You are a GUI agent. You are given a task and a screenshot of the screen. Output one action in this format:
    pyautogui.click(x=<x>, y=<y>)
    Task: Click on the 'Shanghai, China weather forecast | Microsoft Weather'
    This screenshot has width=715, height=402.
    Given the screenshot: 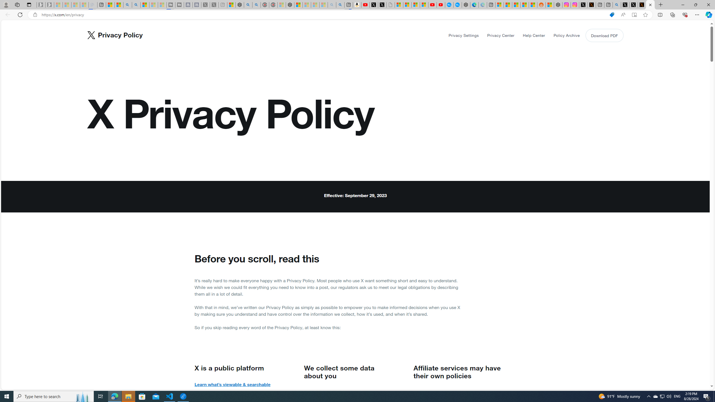 What is the action you would take?
    pyautogui.click(x=508, y=4)
    